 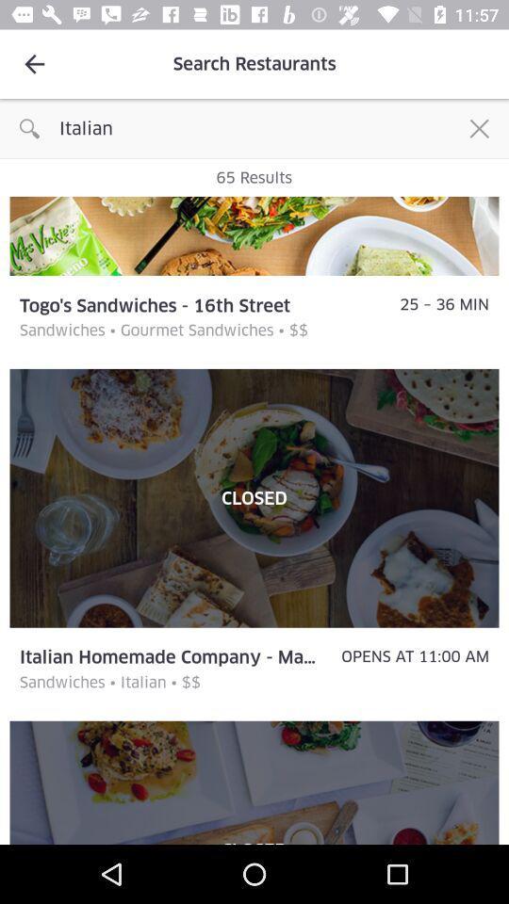 I want to click on the icon next to the italian item, so click(x=479, y=127).